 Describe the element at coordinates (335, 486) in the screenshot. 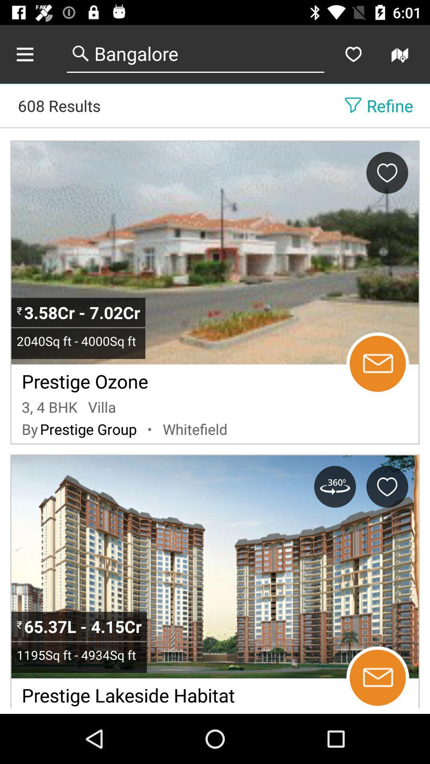

I see `get the 360 degree view of the property` at that location.